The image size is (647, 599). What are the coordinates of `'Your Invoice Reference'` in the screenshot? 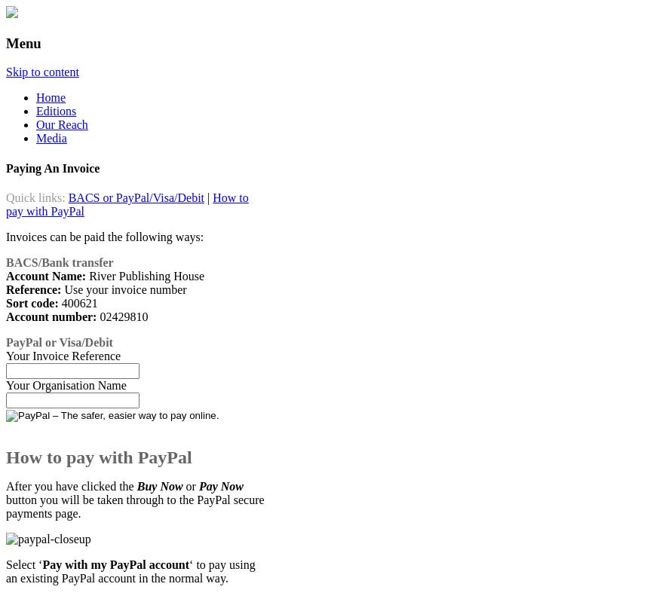 It's located at (62, 355).